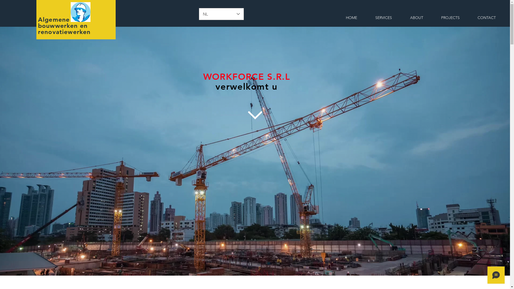  I want to click on 'SERVICES', so click(383, 17).